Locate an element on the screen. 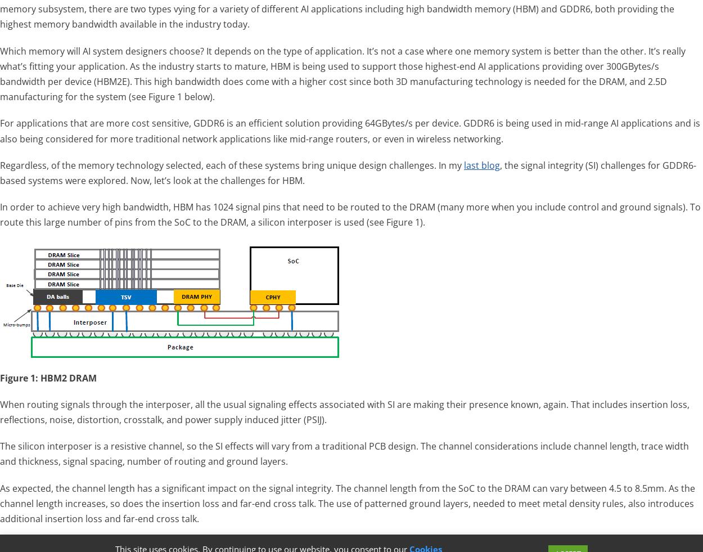  'Which memory will AI system designers choose? It depends on the type of application. It’s not a case where one memory system is better than the other. It’s really what’s fitting your application. As the industry starts to mature, HBM is being used to support those highest-end AI applications providing over 300GBytes/s bandwidth per device (HBM2E). This high bandwidth does come with a higher cost since both 3D manufacturing technology is needed for the DRAM, and 2.5D manufacturing for the system (see Figure 1 below).' is located at coordinates (342, 73).